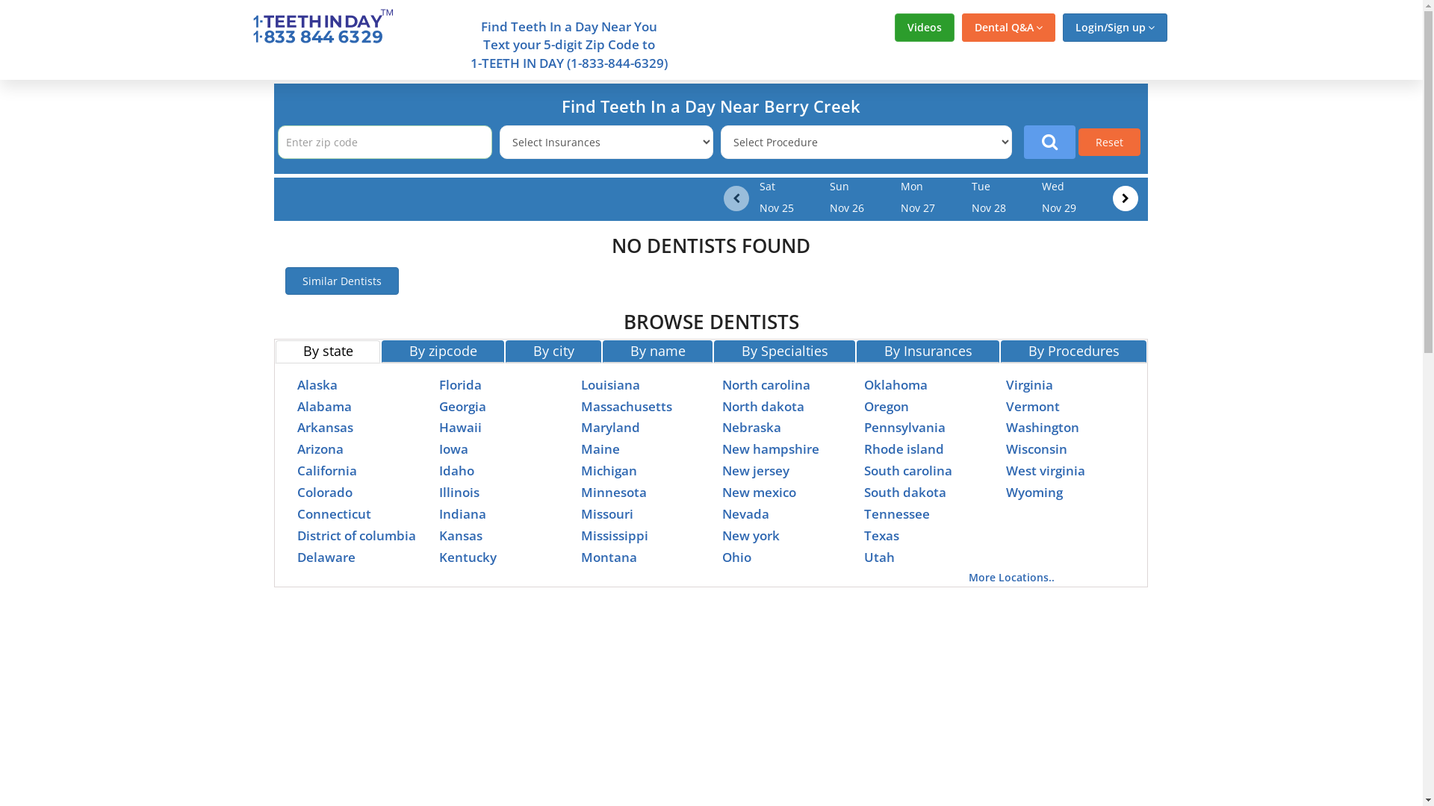 This screenshot has height=806, width=1434. I want to click on 'Nevada', so click(745, 513).